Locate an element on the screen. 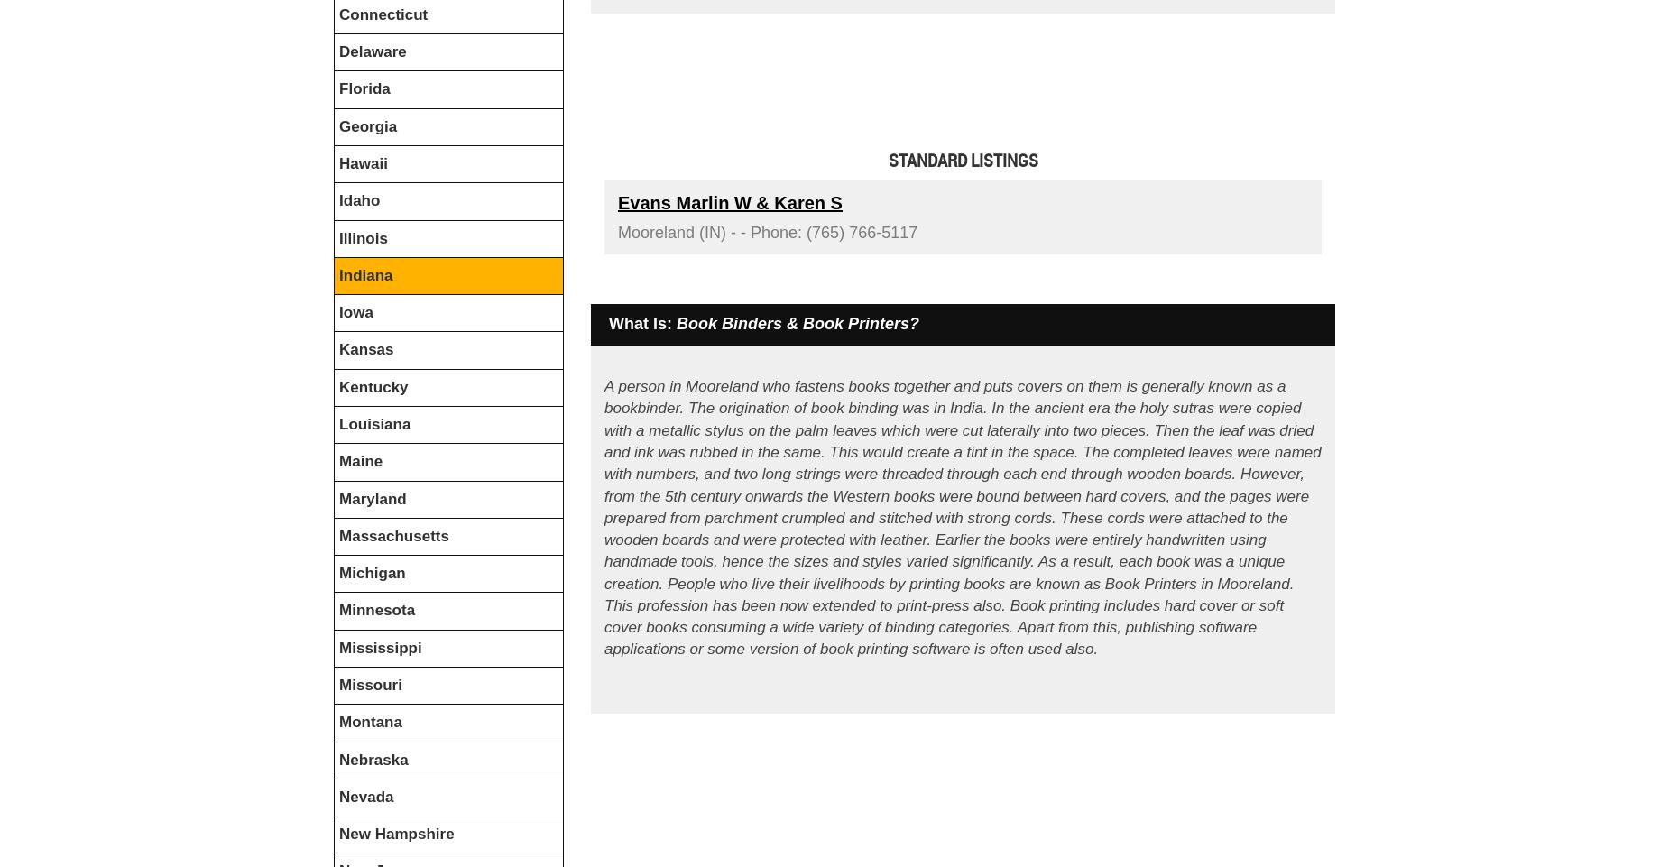 This screenshot has height=867, width=1669. 'Connecticut' is located at coordinates (382, 13).